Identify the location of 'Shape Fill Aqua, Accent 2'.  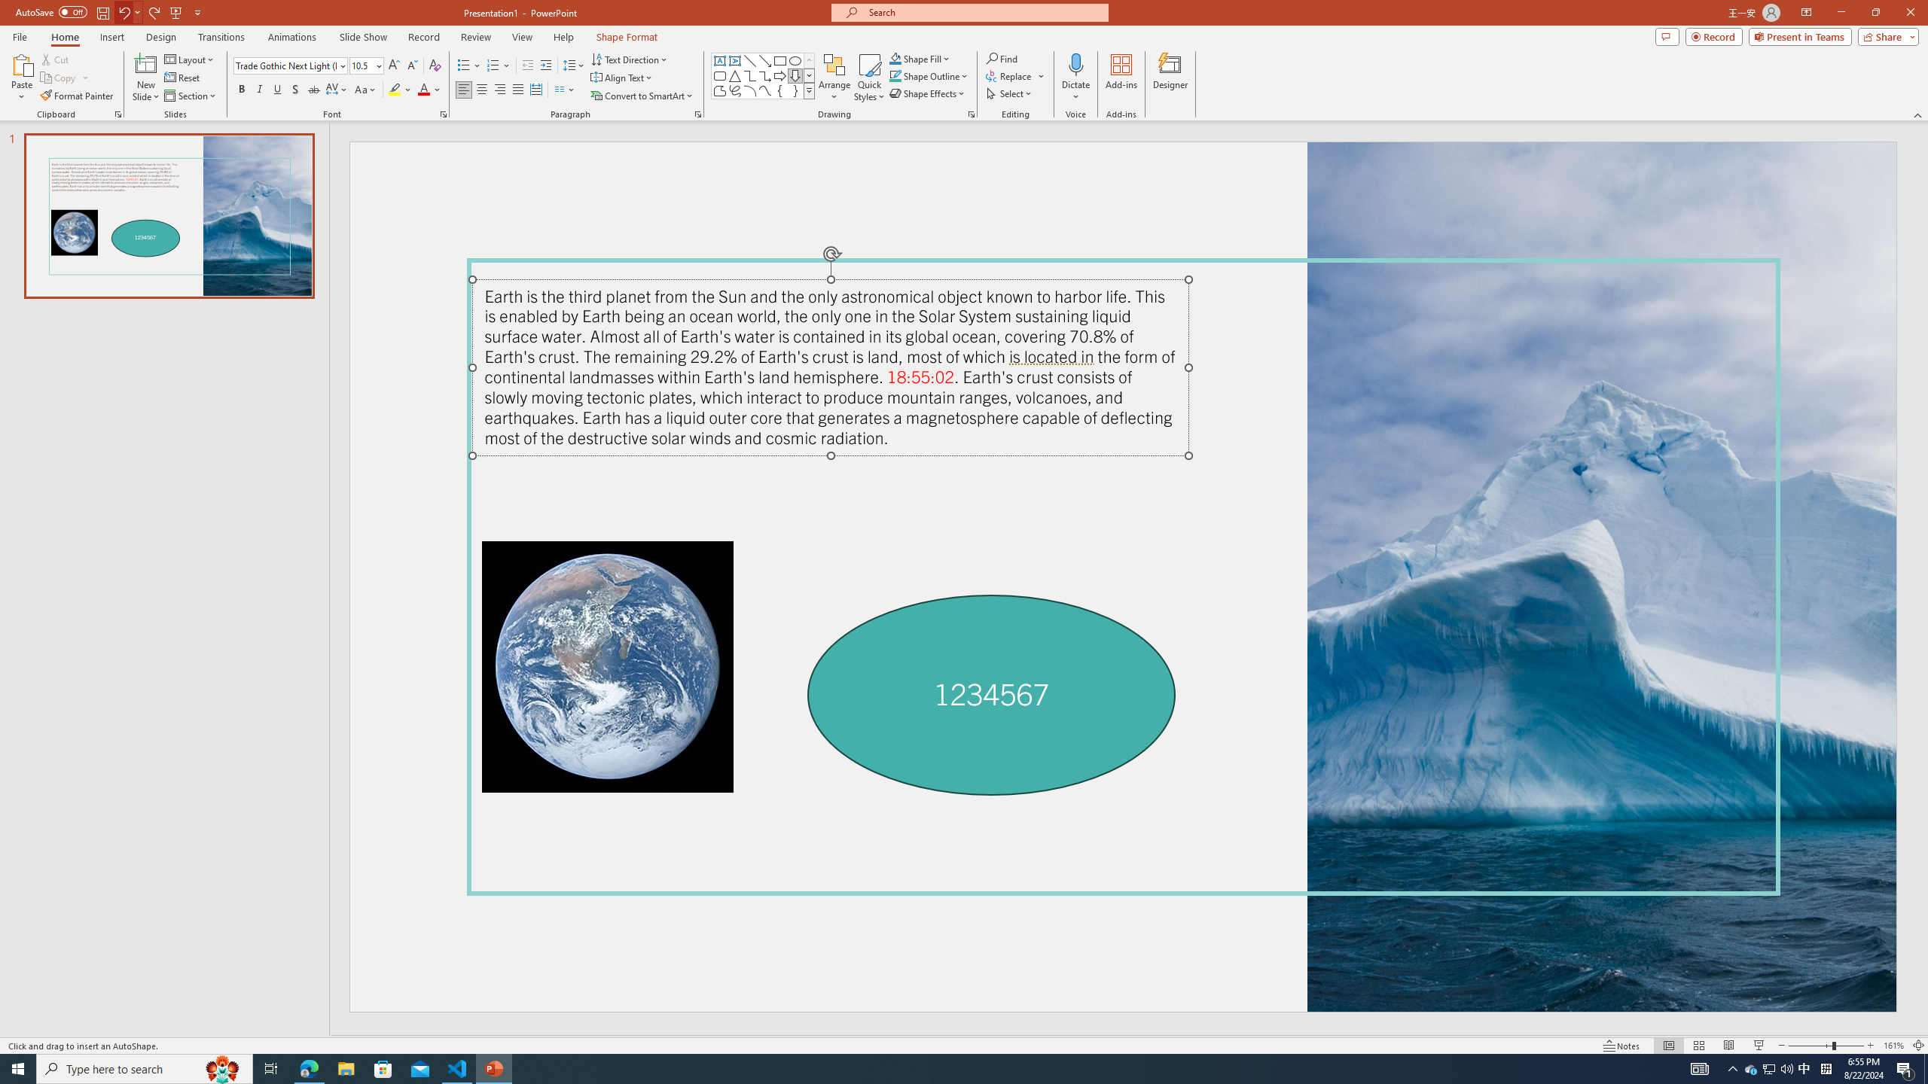
(895, 58).